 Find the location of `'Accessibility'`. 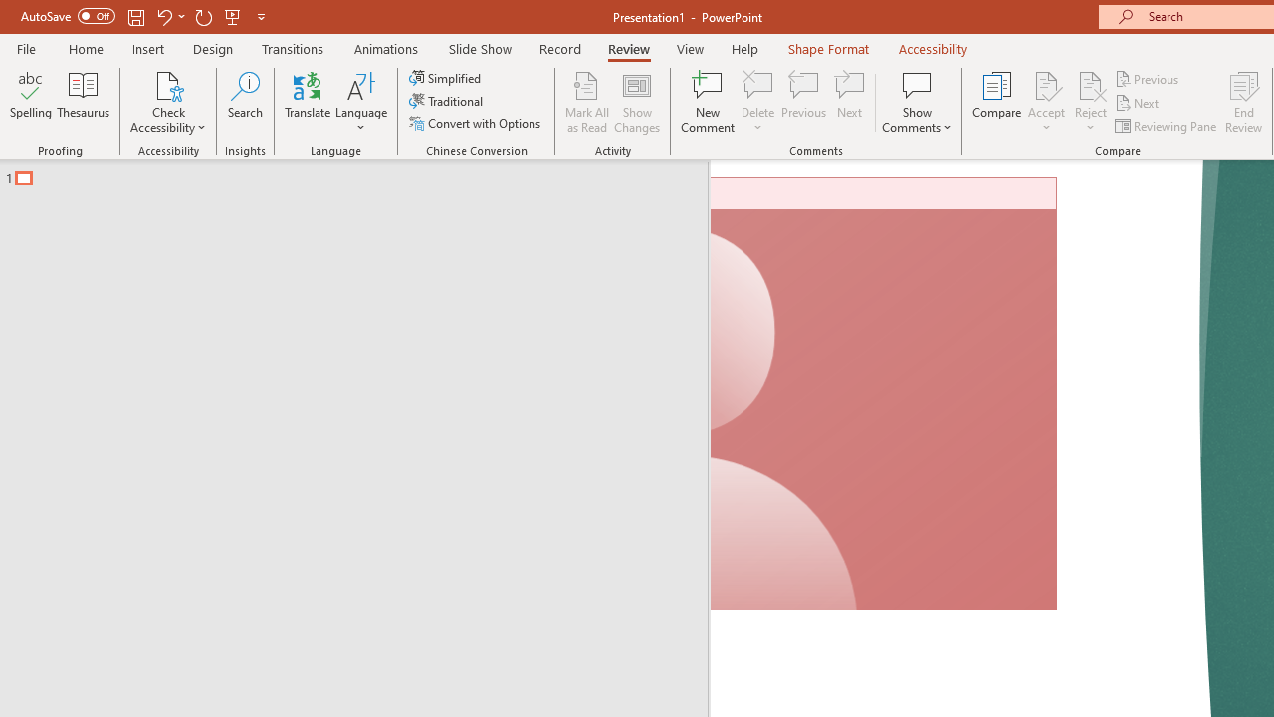

'Accessibility' is located at coordinates (933, 48).